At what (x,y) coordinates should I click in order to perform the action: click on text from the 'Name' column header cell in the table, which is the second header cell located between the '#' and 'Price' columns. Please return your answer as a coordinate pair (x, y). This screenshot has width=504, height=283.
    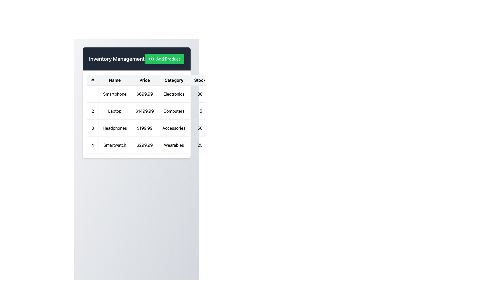
    Looking at the image, I should click on (114, 80).